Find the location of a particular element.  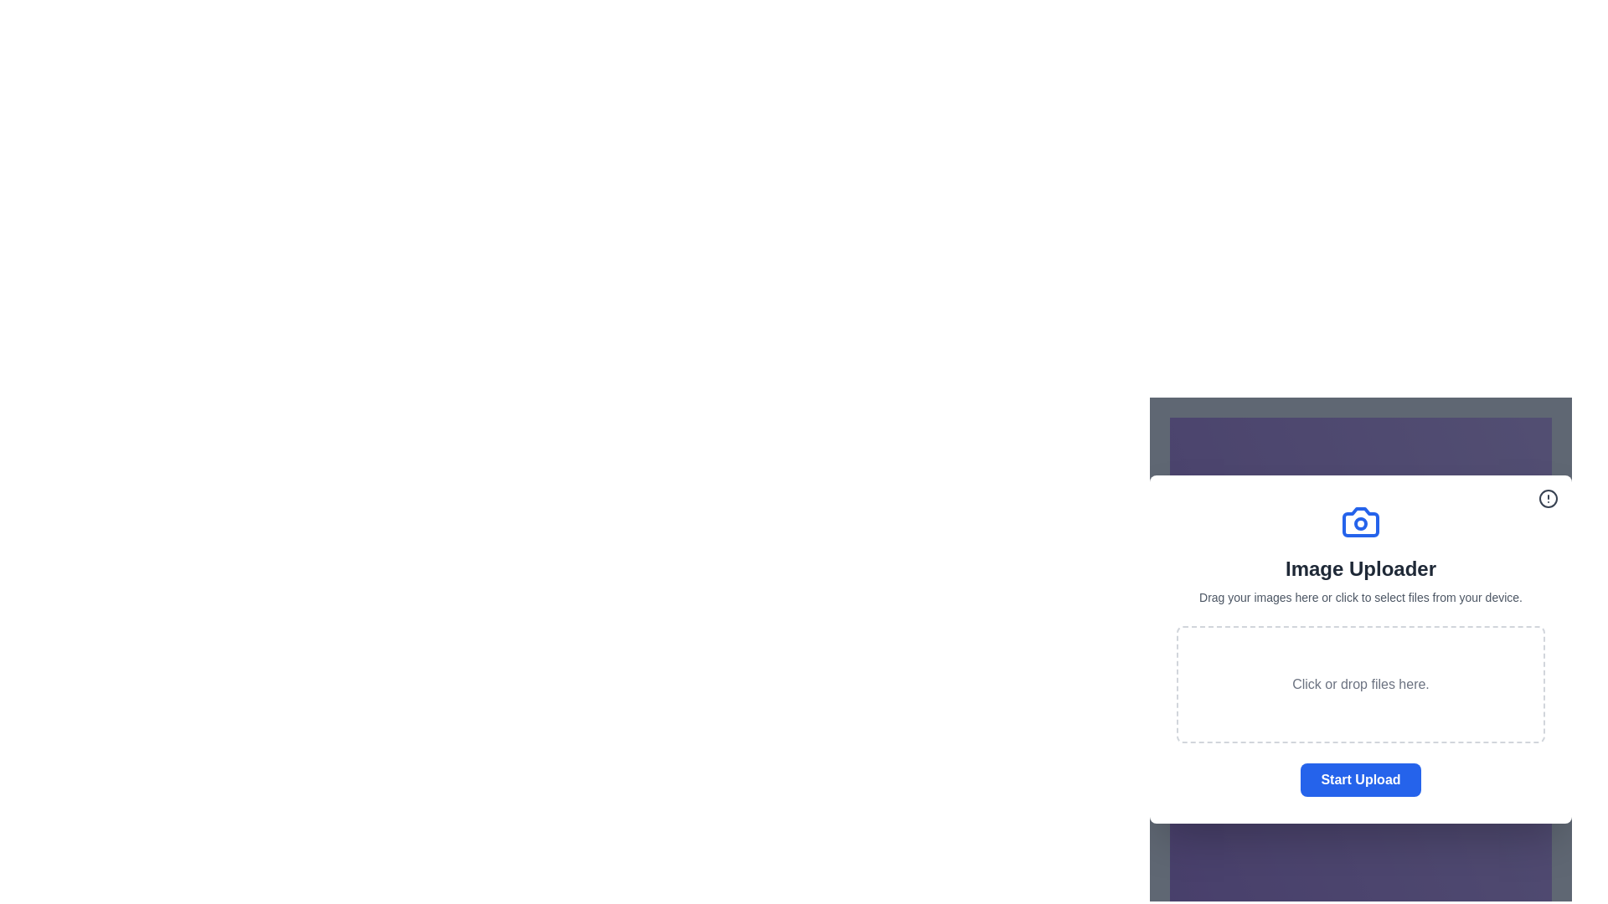

the action trigger button located at the bottom-center of the 'Image Uploader' modal to observe visual changes indicating interactivity is located at coordinates (1361, 780).